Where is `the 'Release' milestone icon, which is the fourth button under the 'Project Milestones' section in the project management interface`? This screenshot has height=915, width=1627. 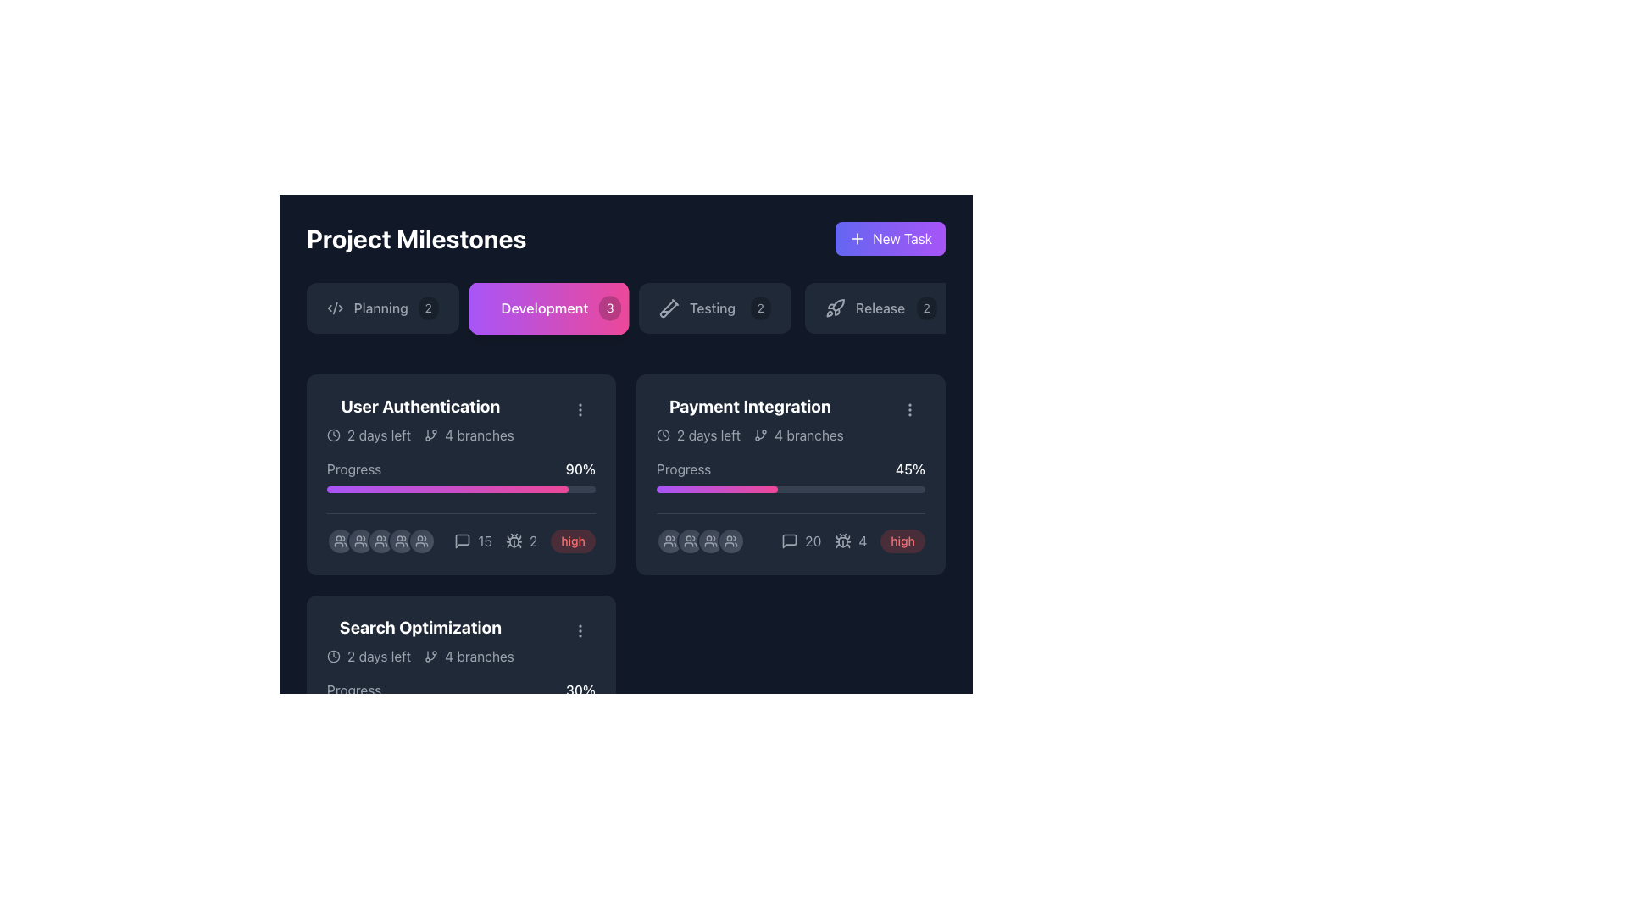
the 'Release' milestone icon, which is the fourth button under the 'Project Milestones' section in the project management interface is located at coordinates (838, 305).